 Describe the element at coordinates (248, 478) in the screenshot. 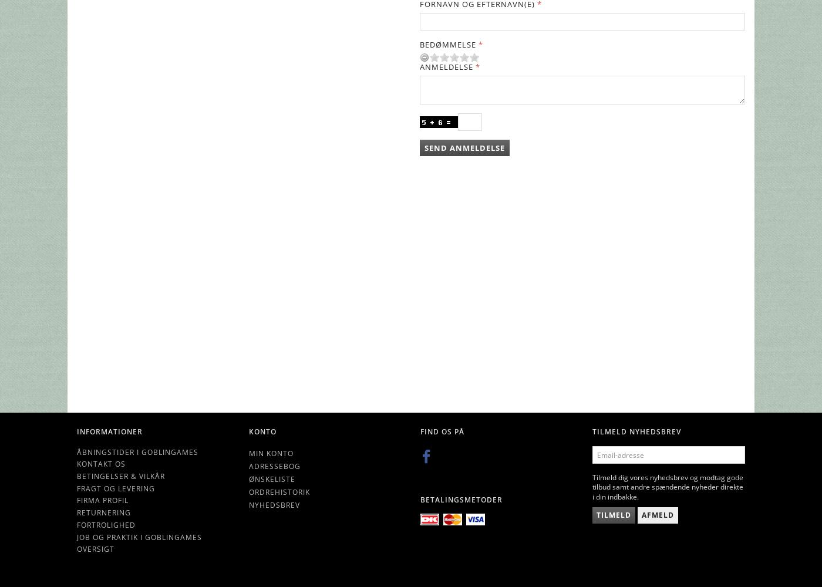

I see `'Ønskeliste'` at that location.